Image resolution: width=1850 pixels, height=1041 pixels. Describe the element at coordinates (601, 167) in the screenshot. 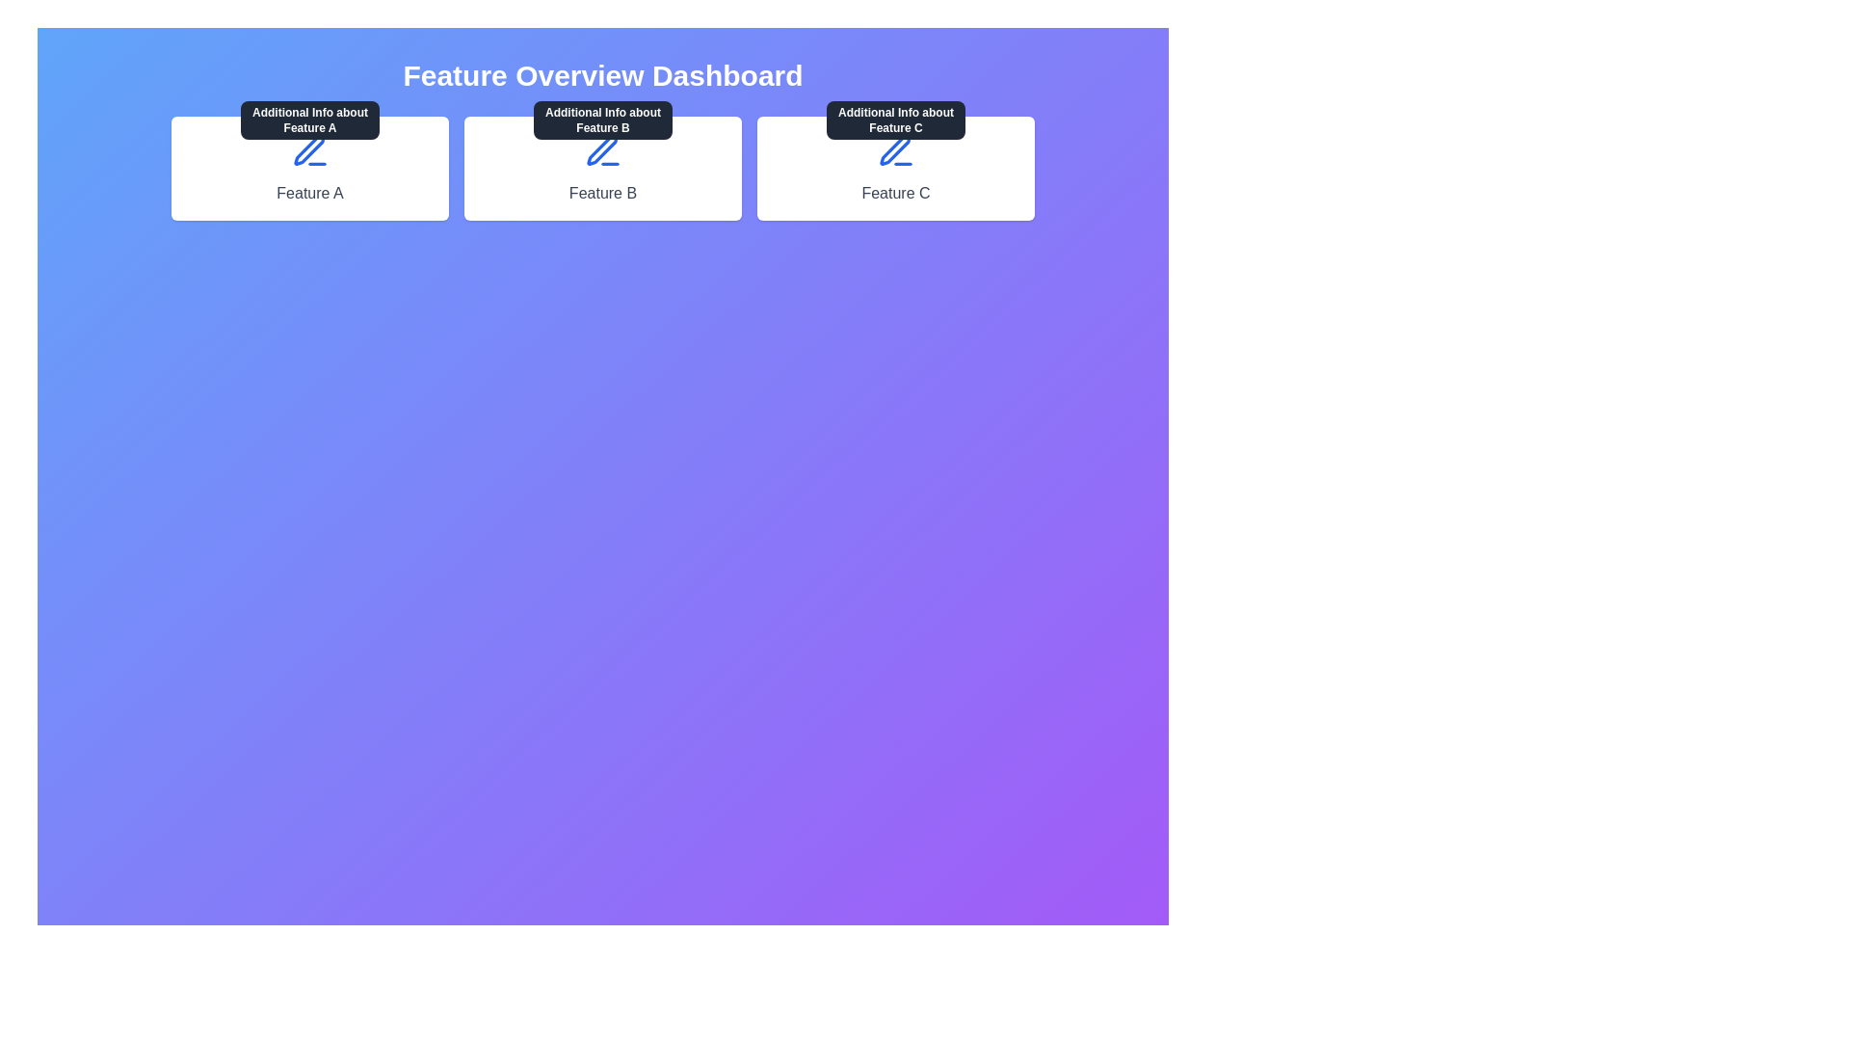

I see `the card component labeled 'Feature B', which is the second card in a 3-column grid layout, featuring a white background, rounded corners, and a pen-like decorative icon at its center` at that location.